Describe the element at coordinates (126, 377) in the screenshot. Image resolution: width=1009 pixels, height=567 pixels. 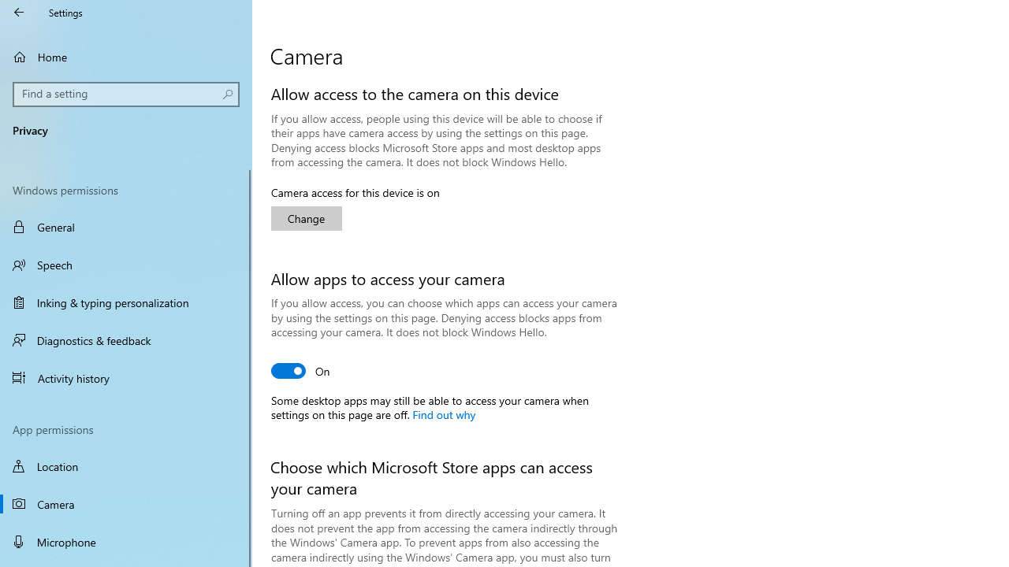
I see `'Activity history'` at that location.